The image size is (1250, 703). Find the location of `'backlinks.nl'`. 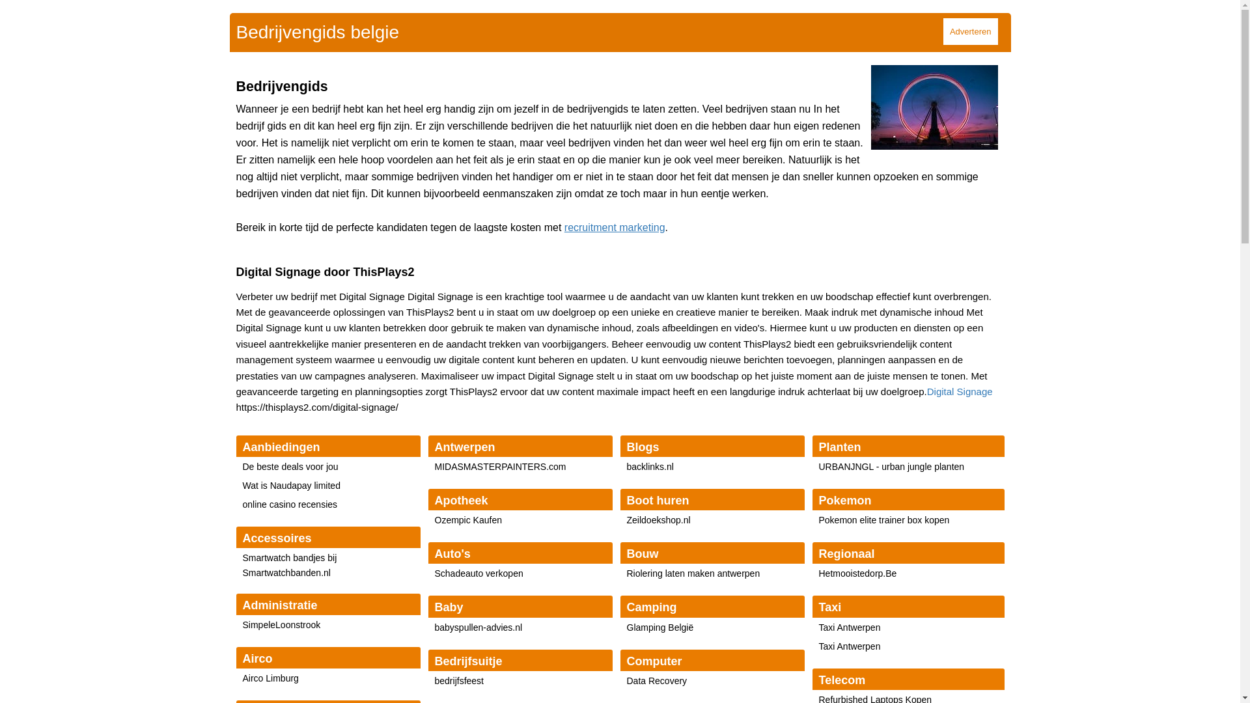

'backlinks.nl' is located at coordinates (626, 466).